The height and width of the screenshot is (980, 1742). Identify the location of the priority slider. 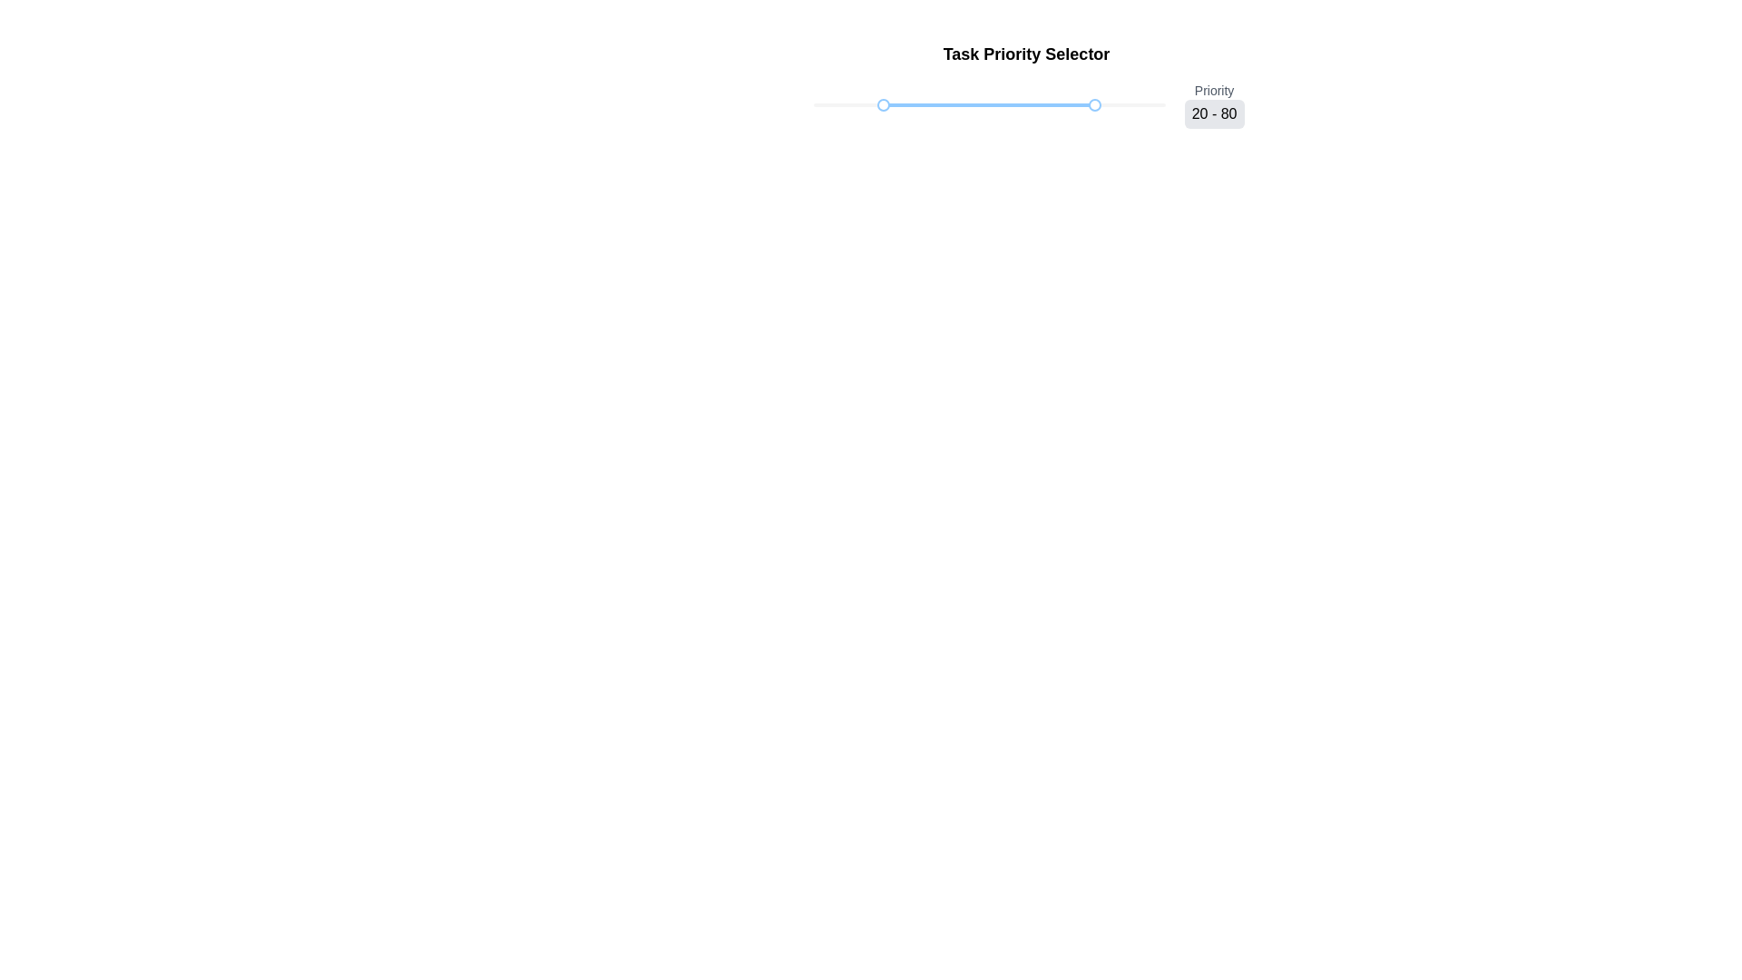
(1049, 104).